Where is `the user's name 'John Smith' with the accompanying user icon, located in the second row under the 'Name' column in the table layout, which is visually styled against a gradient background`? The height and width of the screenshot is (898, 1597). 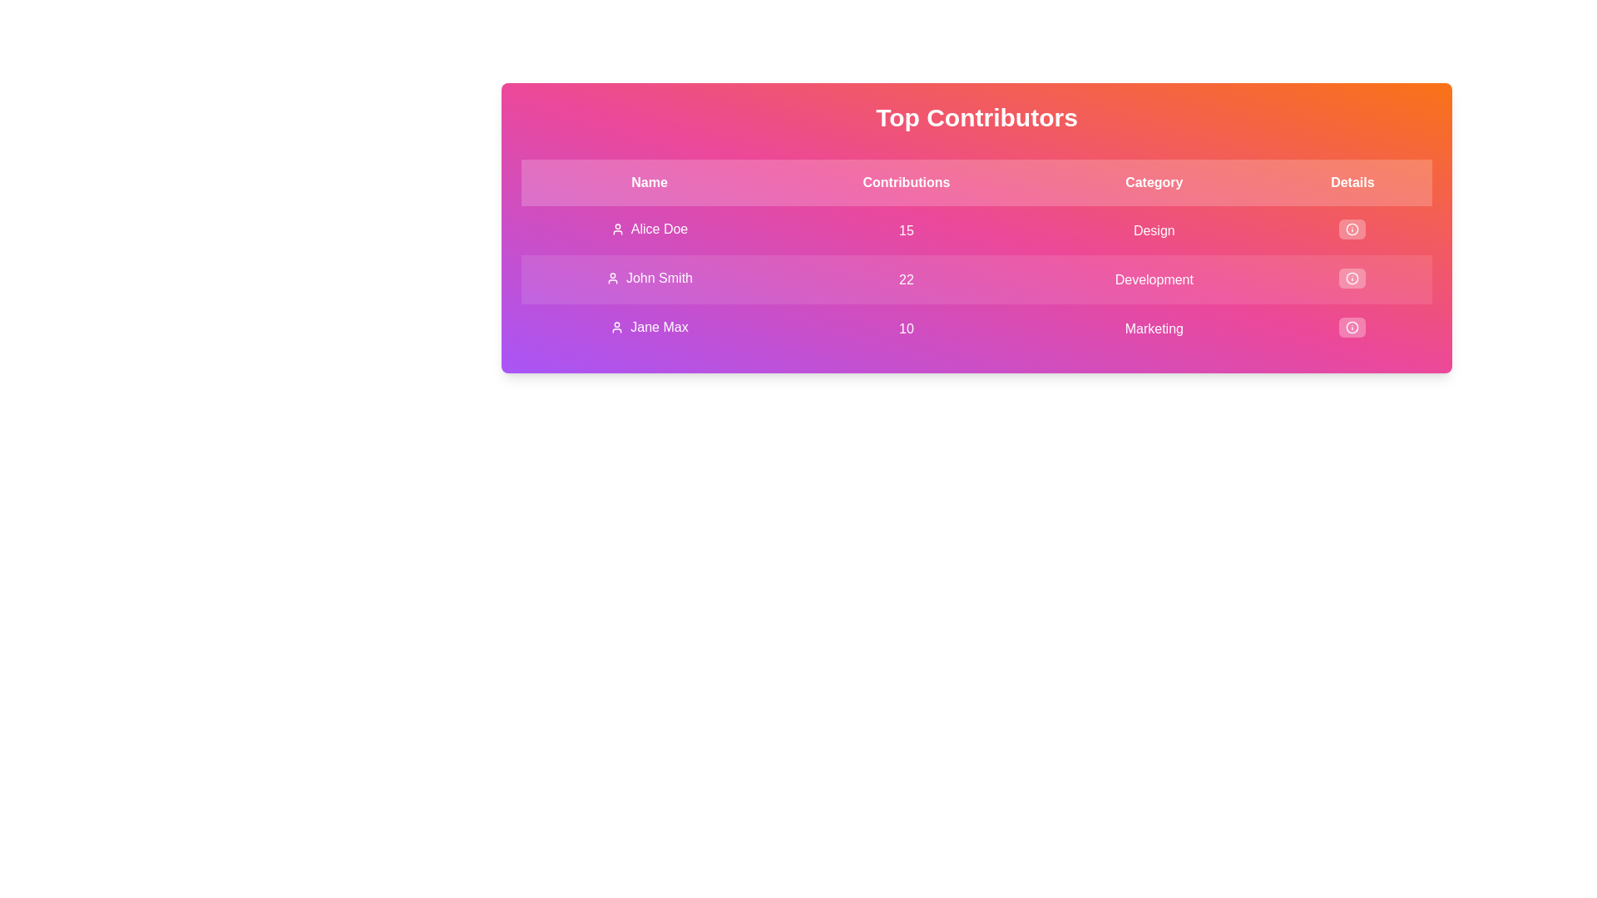
the user's name 'John Smith' with the accompanying user icon, located in the second row under the 'Name' column in the table layout, which is visually styled against a gradient background is located at coordinates (649, 278).